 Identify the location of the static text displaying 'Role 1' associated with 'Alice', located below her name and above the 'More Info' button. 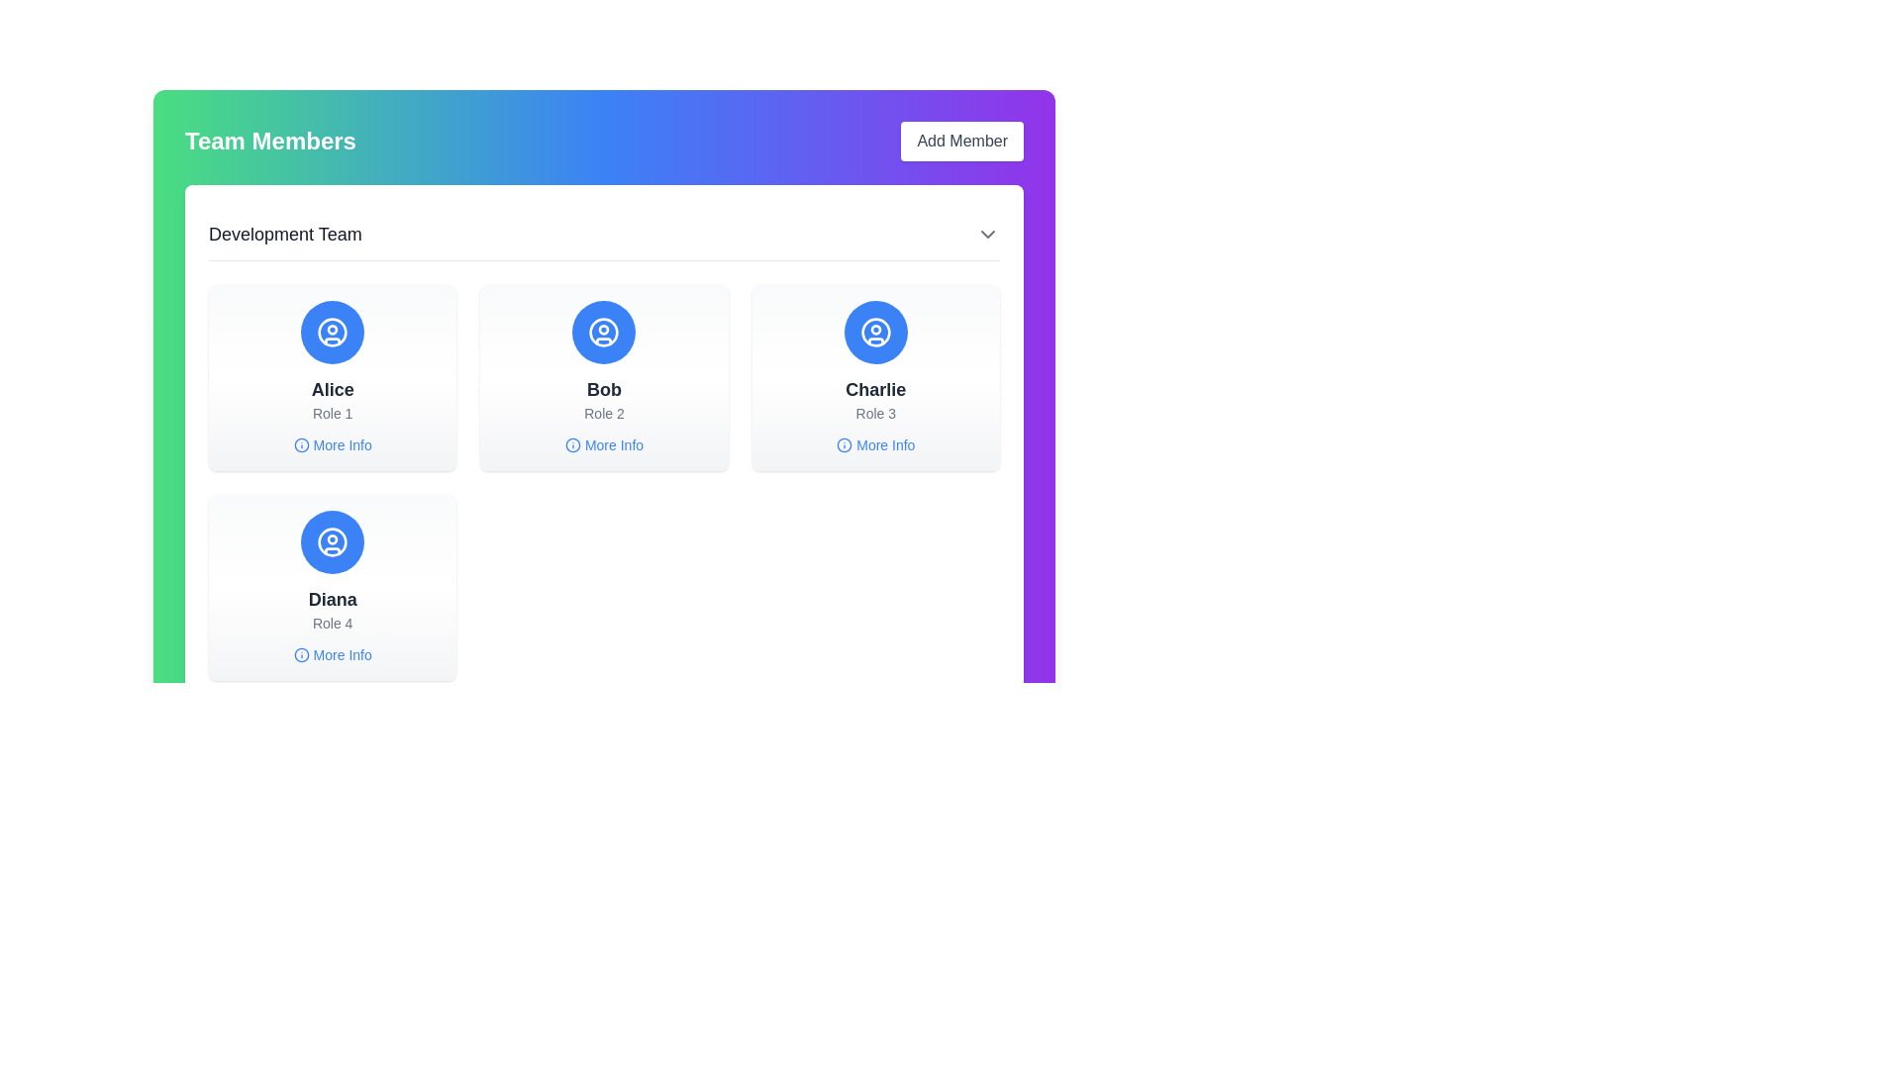
(333, 412).